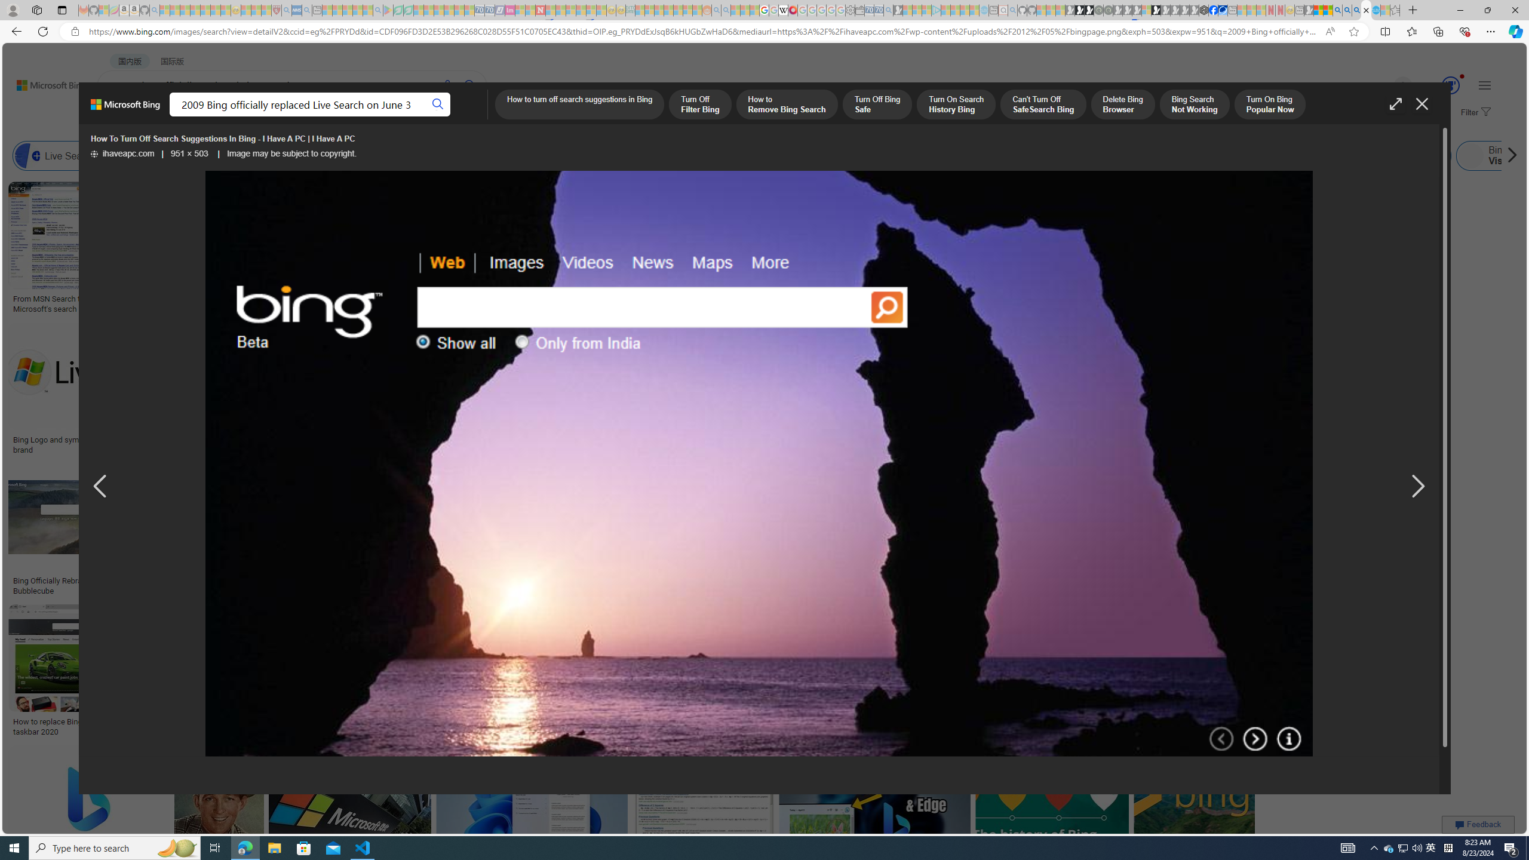  What do you see at coordinates (1107, 10) in the screenshot?
I see `'Future Focus Report 2024 - Sleeping'` at bounding box center [1107, 10].